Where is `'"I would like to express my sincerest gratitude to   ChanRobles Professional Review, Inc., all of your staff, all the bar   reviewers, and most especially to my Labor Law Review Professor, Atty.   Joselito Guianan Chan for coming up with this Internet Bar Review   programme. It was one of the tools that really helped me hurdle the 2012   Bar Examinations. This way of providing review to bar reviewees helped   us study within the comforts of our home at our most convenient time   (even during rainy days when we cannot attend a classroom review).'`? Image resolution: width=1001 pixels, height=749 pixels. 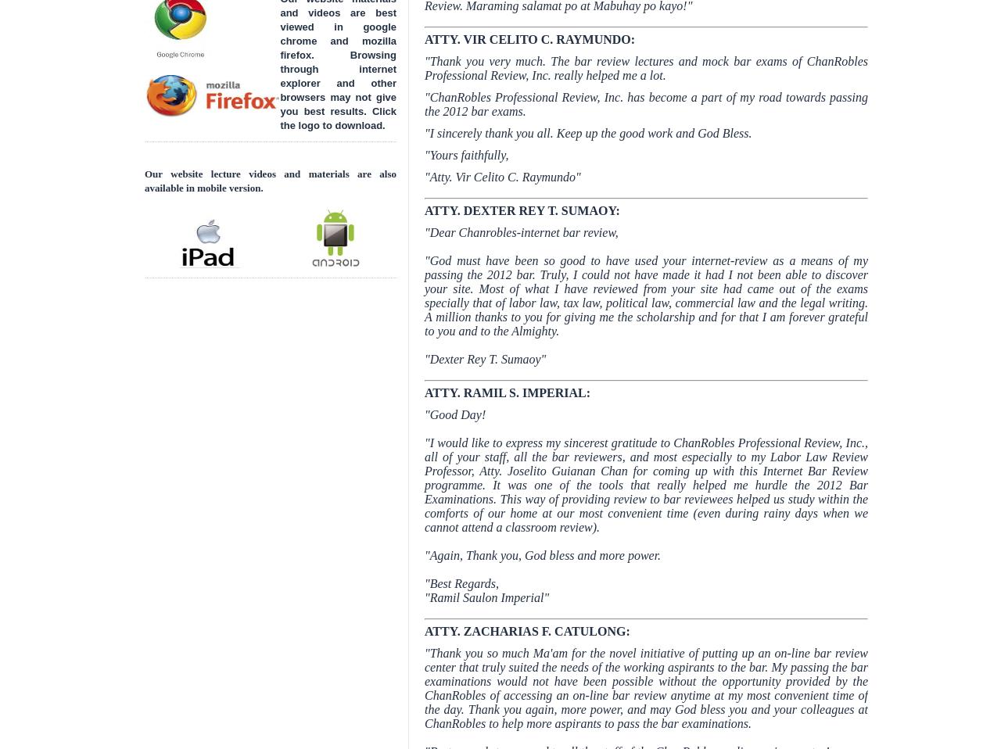 '"I would like to express my sincerest gratitude to   ChanRobles Professional Review, Inc., all of your staff, all the bar   reviewers, and most especially to my Labor Law Review Professor, Atty.   Joselito Guianan Chan for coming up with this Internet Bar Review   programme. It was one of the tools that really helped me hurdle the 2012   Bar Examinations. This way of providing review to bar reviewees helped   us study within the comforts of our home at our most convenient time   (even during rainy days when we cannot attend a classroom review).' is located at coordinates (646, 485).